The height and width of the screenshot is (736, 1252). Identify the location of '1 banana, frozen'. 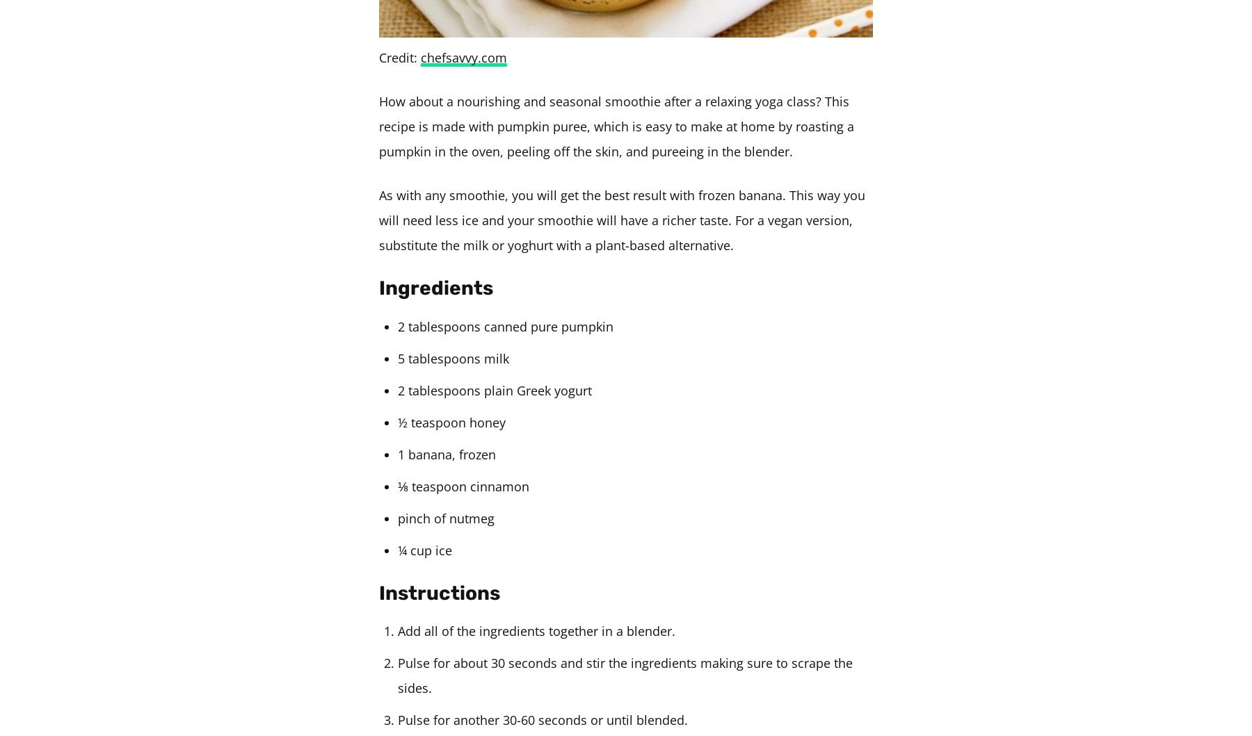
(447, 453).